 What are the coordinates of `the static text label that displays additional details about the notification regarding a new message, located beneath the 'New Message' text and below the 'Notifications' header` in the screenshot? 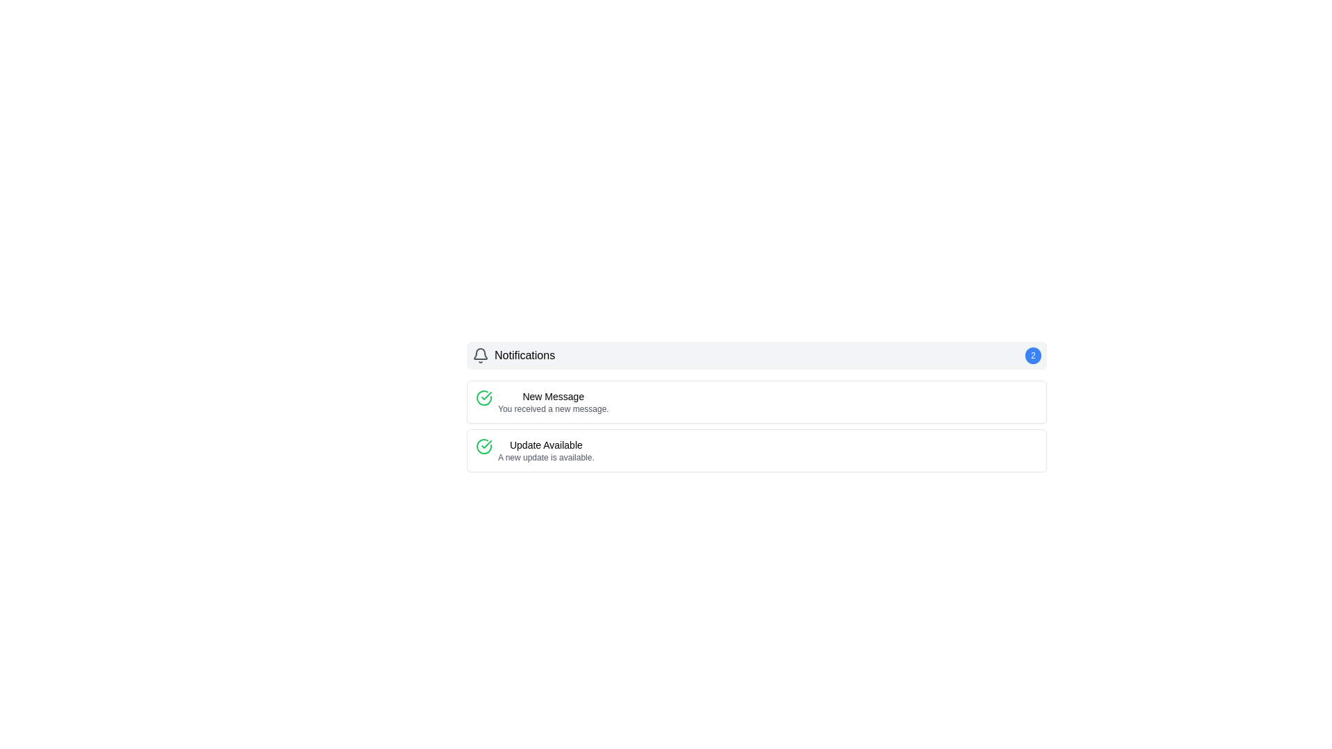 It's located at (552, 408).